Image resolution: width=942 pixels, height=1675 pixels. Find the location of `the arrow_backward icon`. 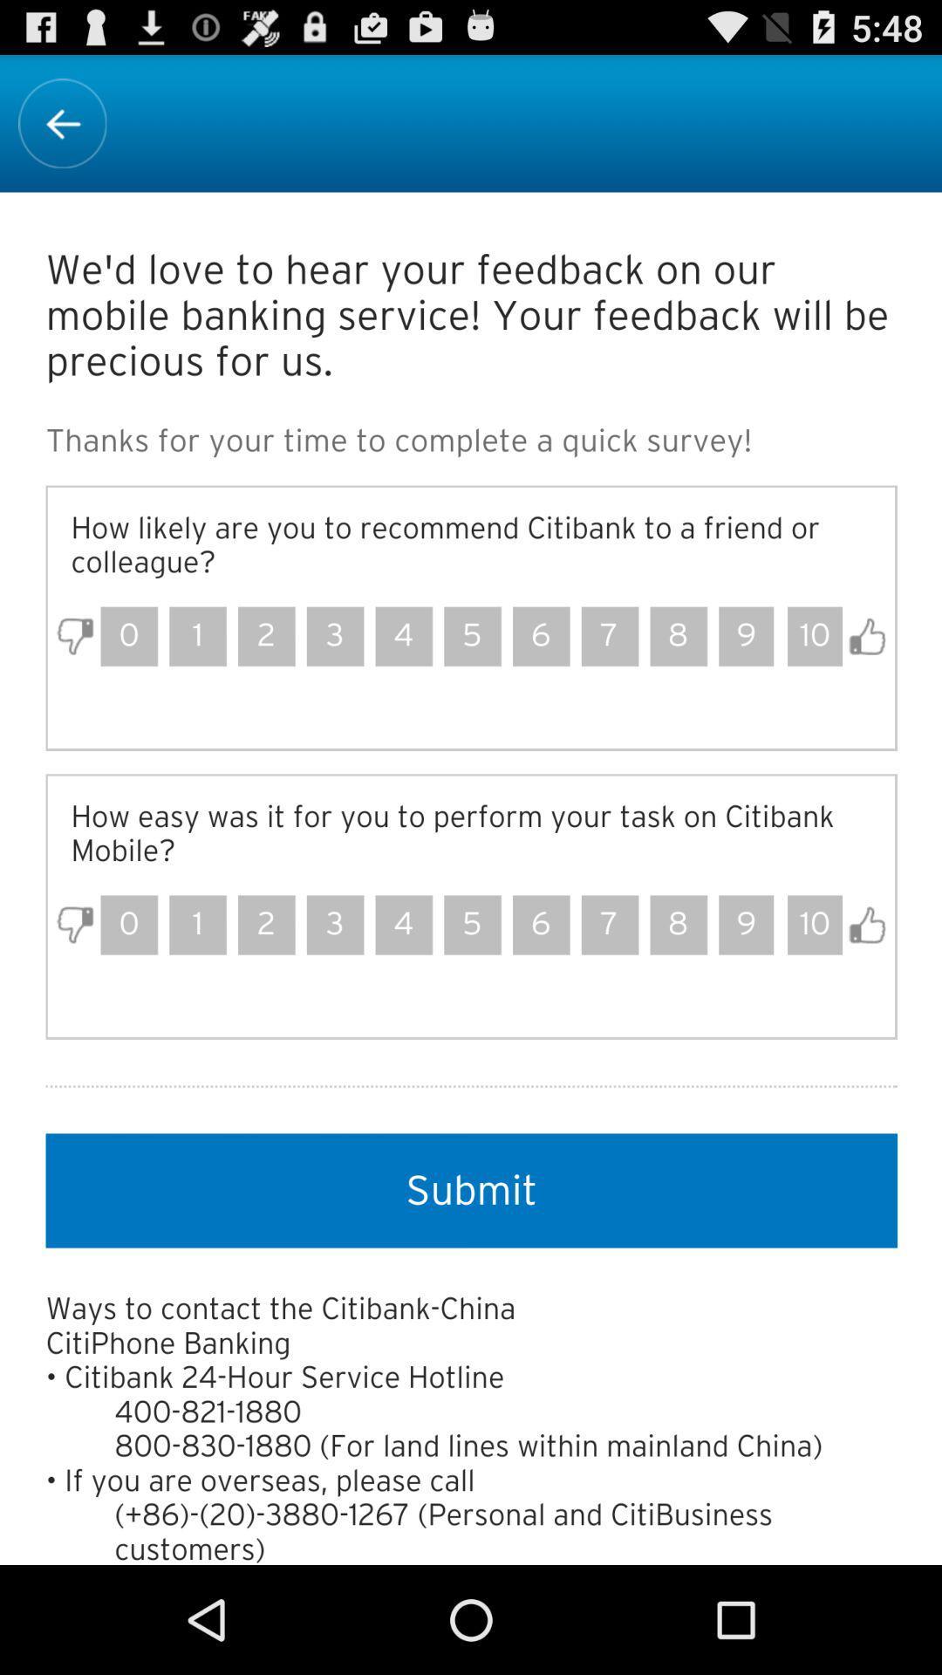

the arrow_backward icon is located at coordinates (61, 131).